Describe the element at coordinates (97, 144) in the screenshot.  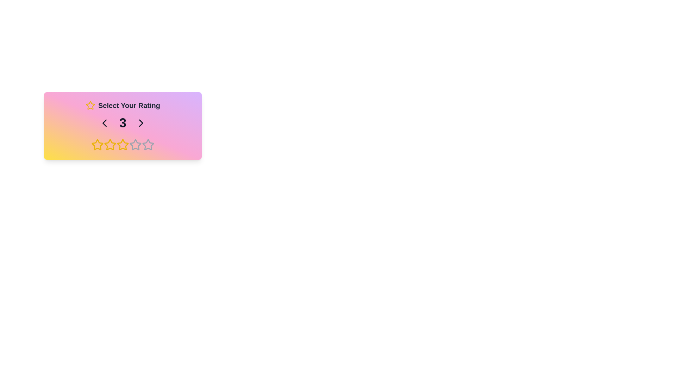
I see `the first star-shaped rating icon with a yellow outline` at that location.